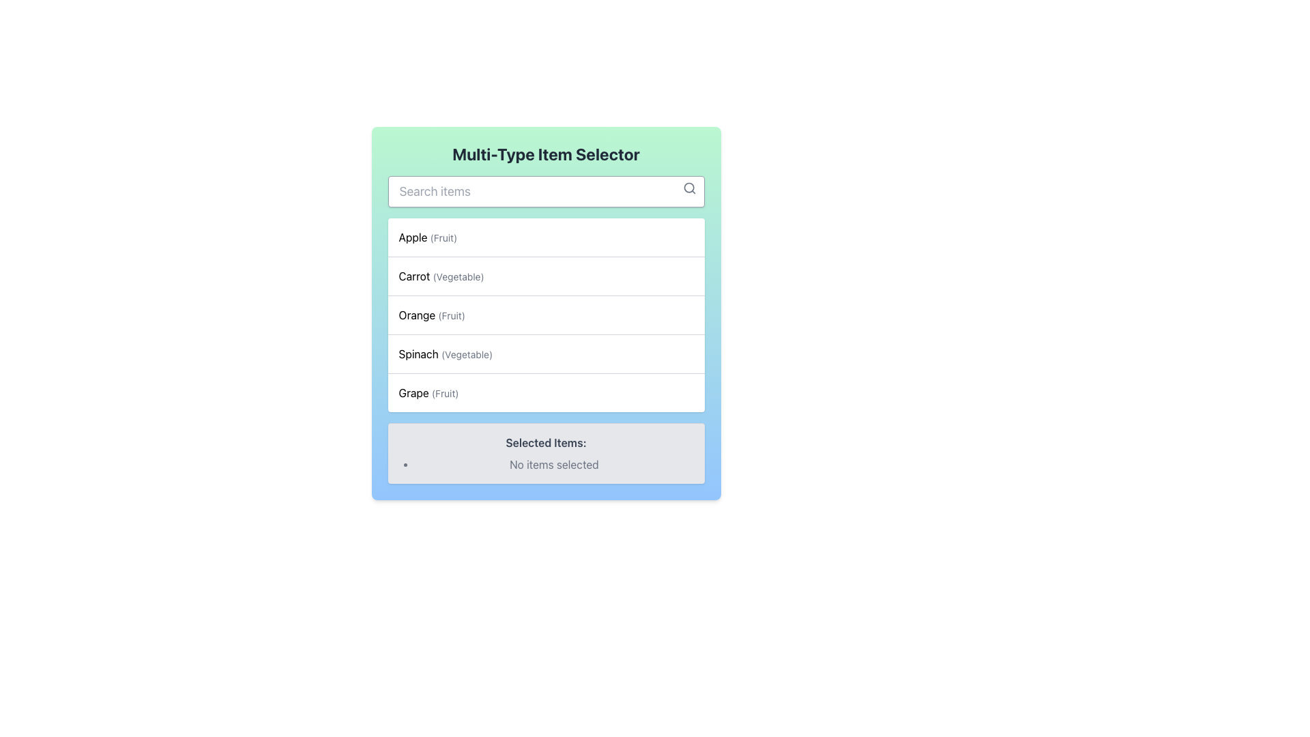 The width and height of the screenshot is (1310, 737). What do you see at coordinates (427, 236) in the screenshot?
I see `the selectable list item labeled 'Apple (Fruit)'` at bounding box center [427, 236].